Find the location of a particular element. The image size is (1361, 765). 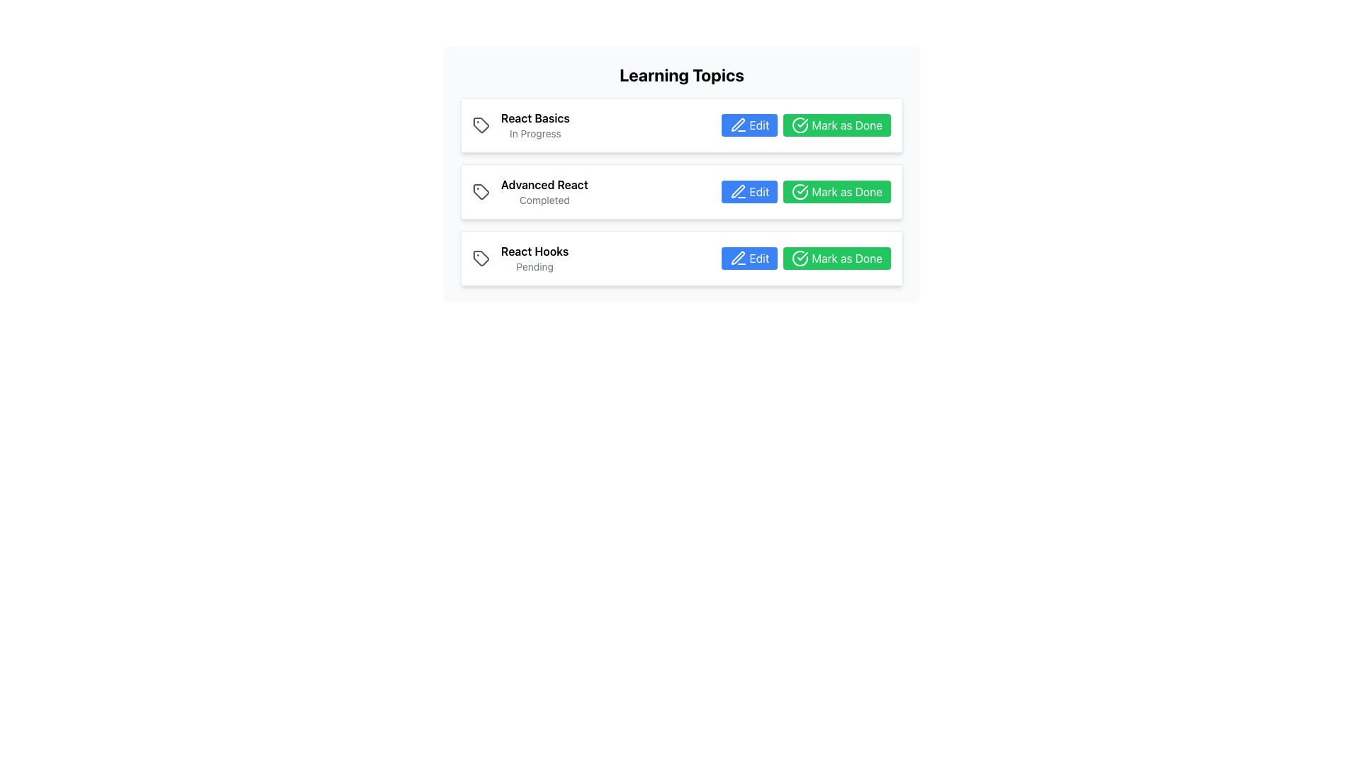

the small icon resembling a tag symbol with a gray outline located at the start of the 'React Basics' row under the 'Learning Topics' heading is located at coordinates (481, 125).